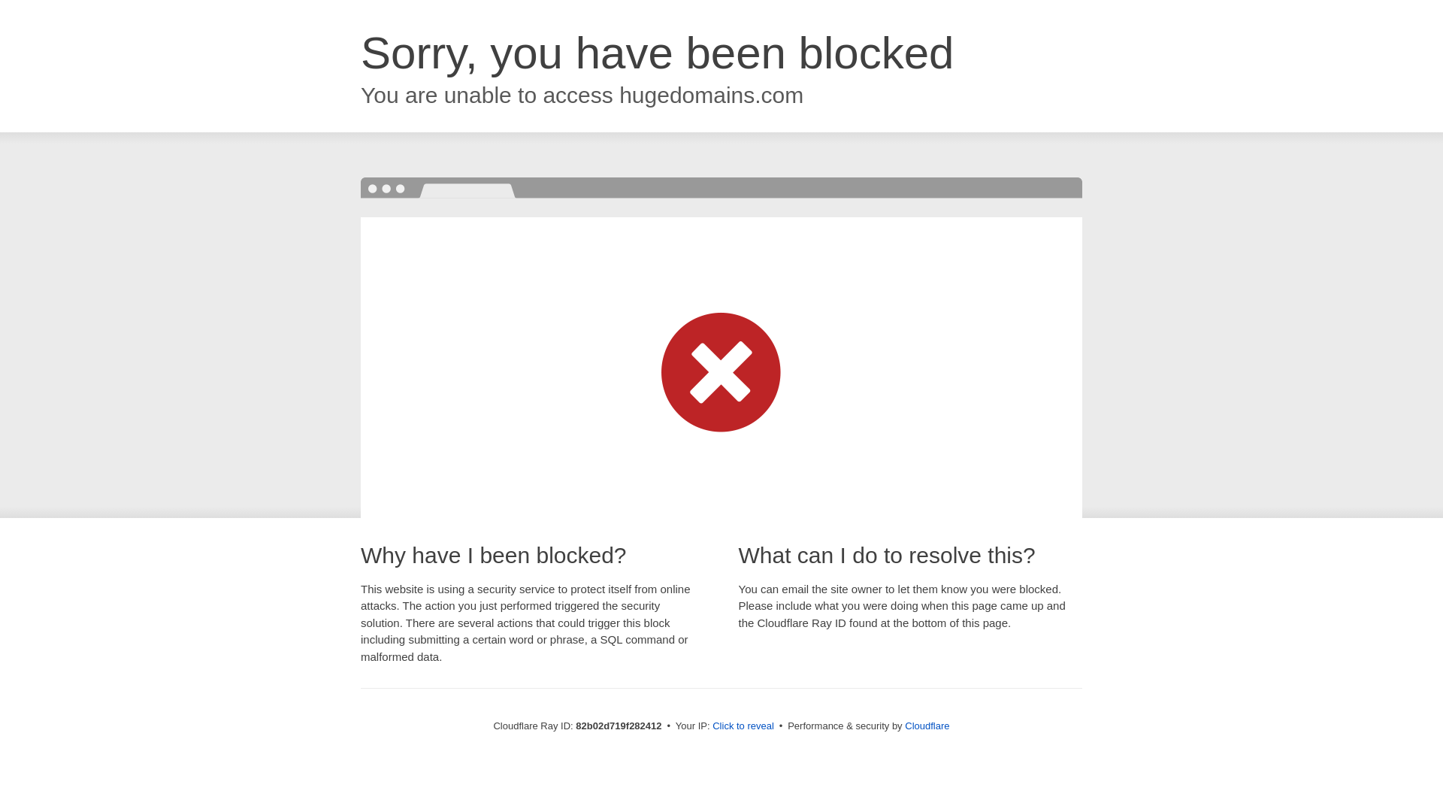 The width and height of the screenshot is (1443, 812). Describe the element at coordinates (904, 725) in the screenshot. I see `'Cloudflare'` at that location.